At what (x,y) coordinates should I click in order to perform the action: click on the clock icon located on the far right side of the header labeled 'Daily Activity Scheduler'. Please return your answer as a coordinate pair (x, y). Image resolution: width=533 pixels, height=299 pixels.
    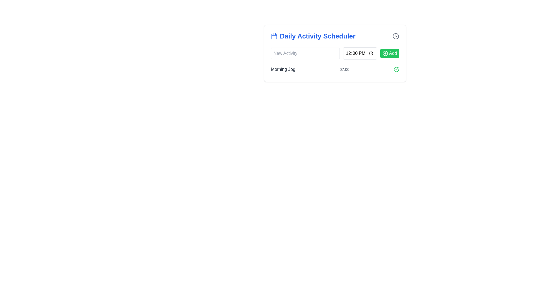
    Looking at the image, I should click on (395, 36).